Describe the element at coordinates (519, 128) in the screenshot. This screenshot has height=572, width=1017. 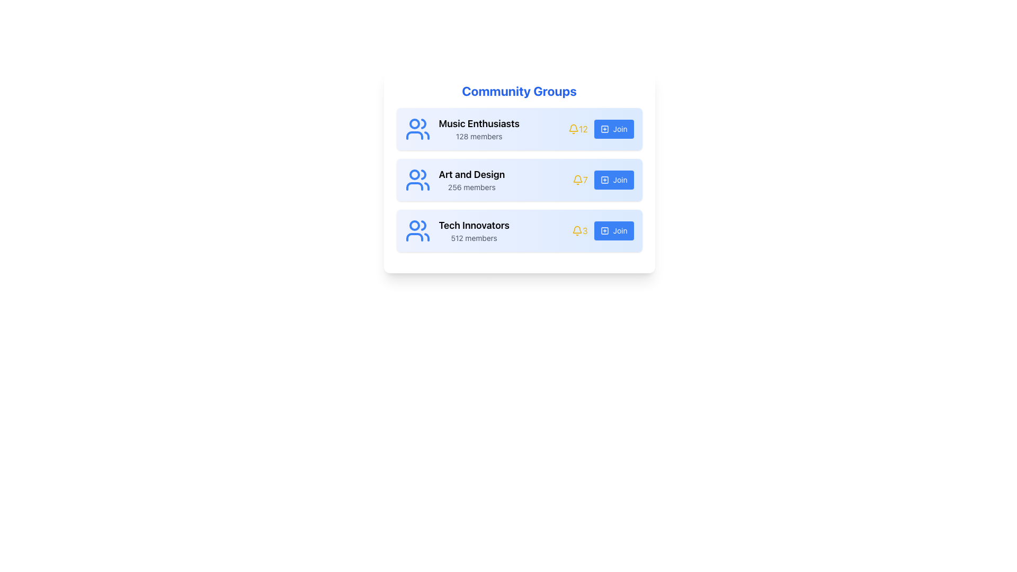
I see `the 'Music Enthusiasts' group entry in the community groups list to trigger visual feedback` at that location.